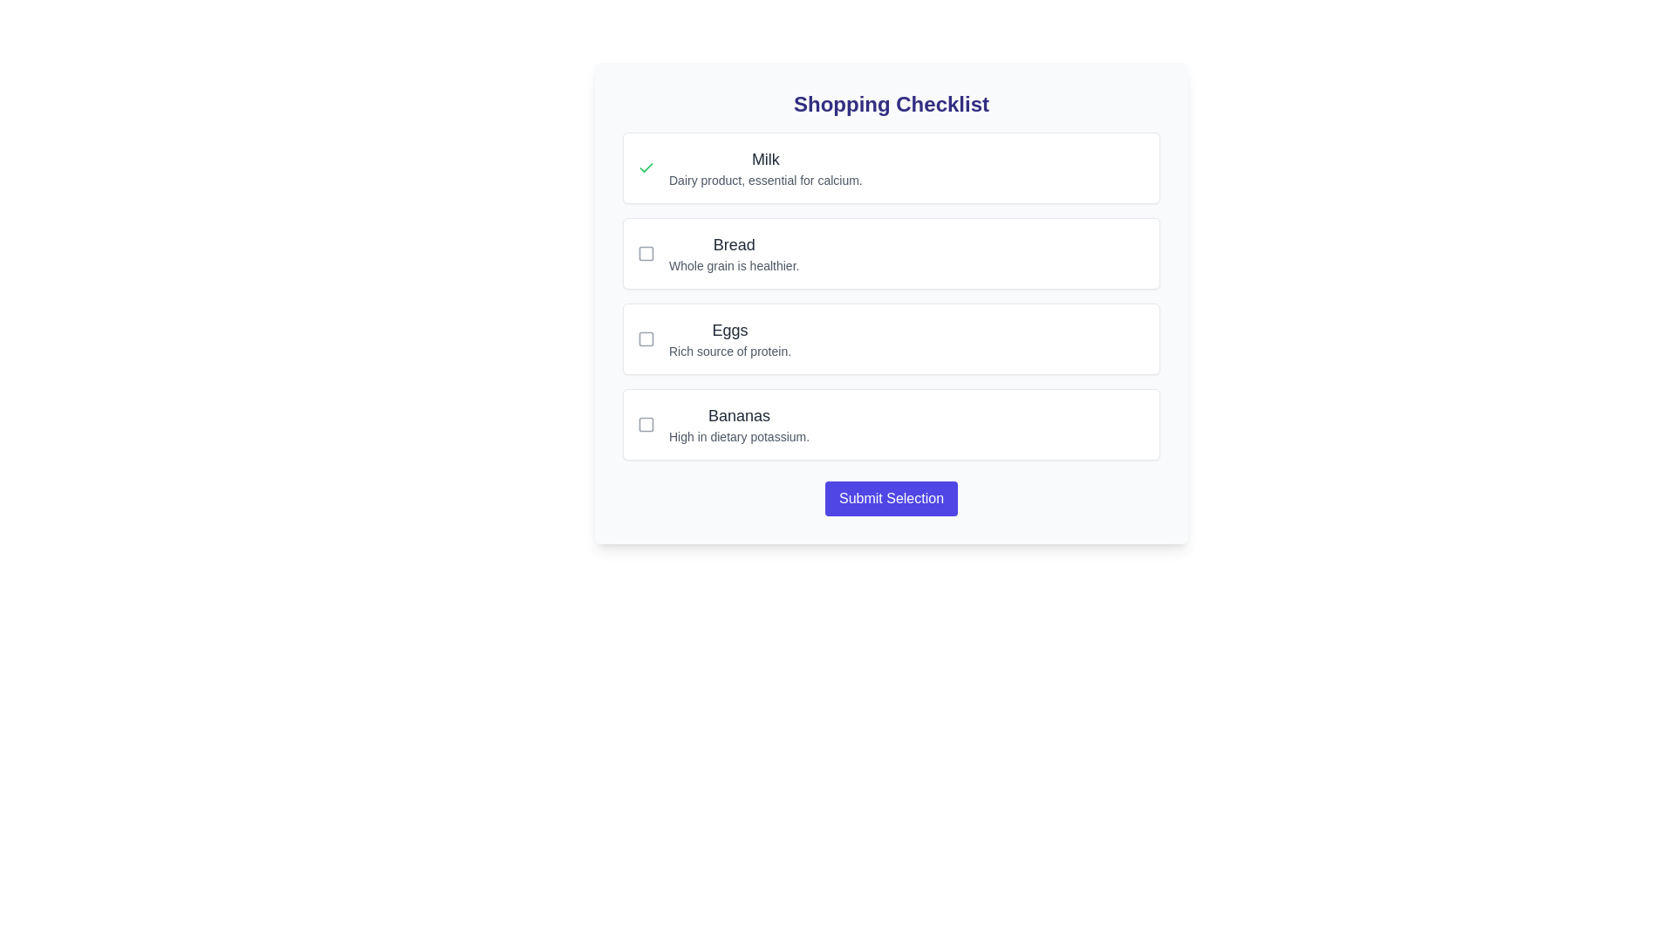 The image size is (1675, 942). What do you see at coordinates (723, 424) in the screenshot?
I see `the checkbox for 'Bananas'` at bounding box center [723, 424].